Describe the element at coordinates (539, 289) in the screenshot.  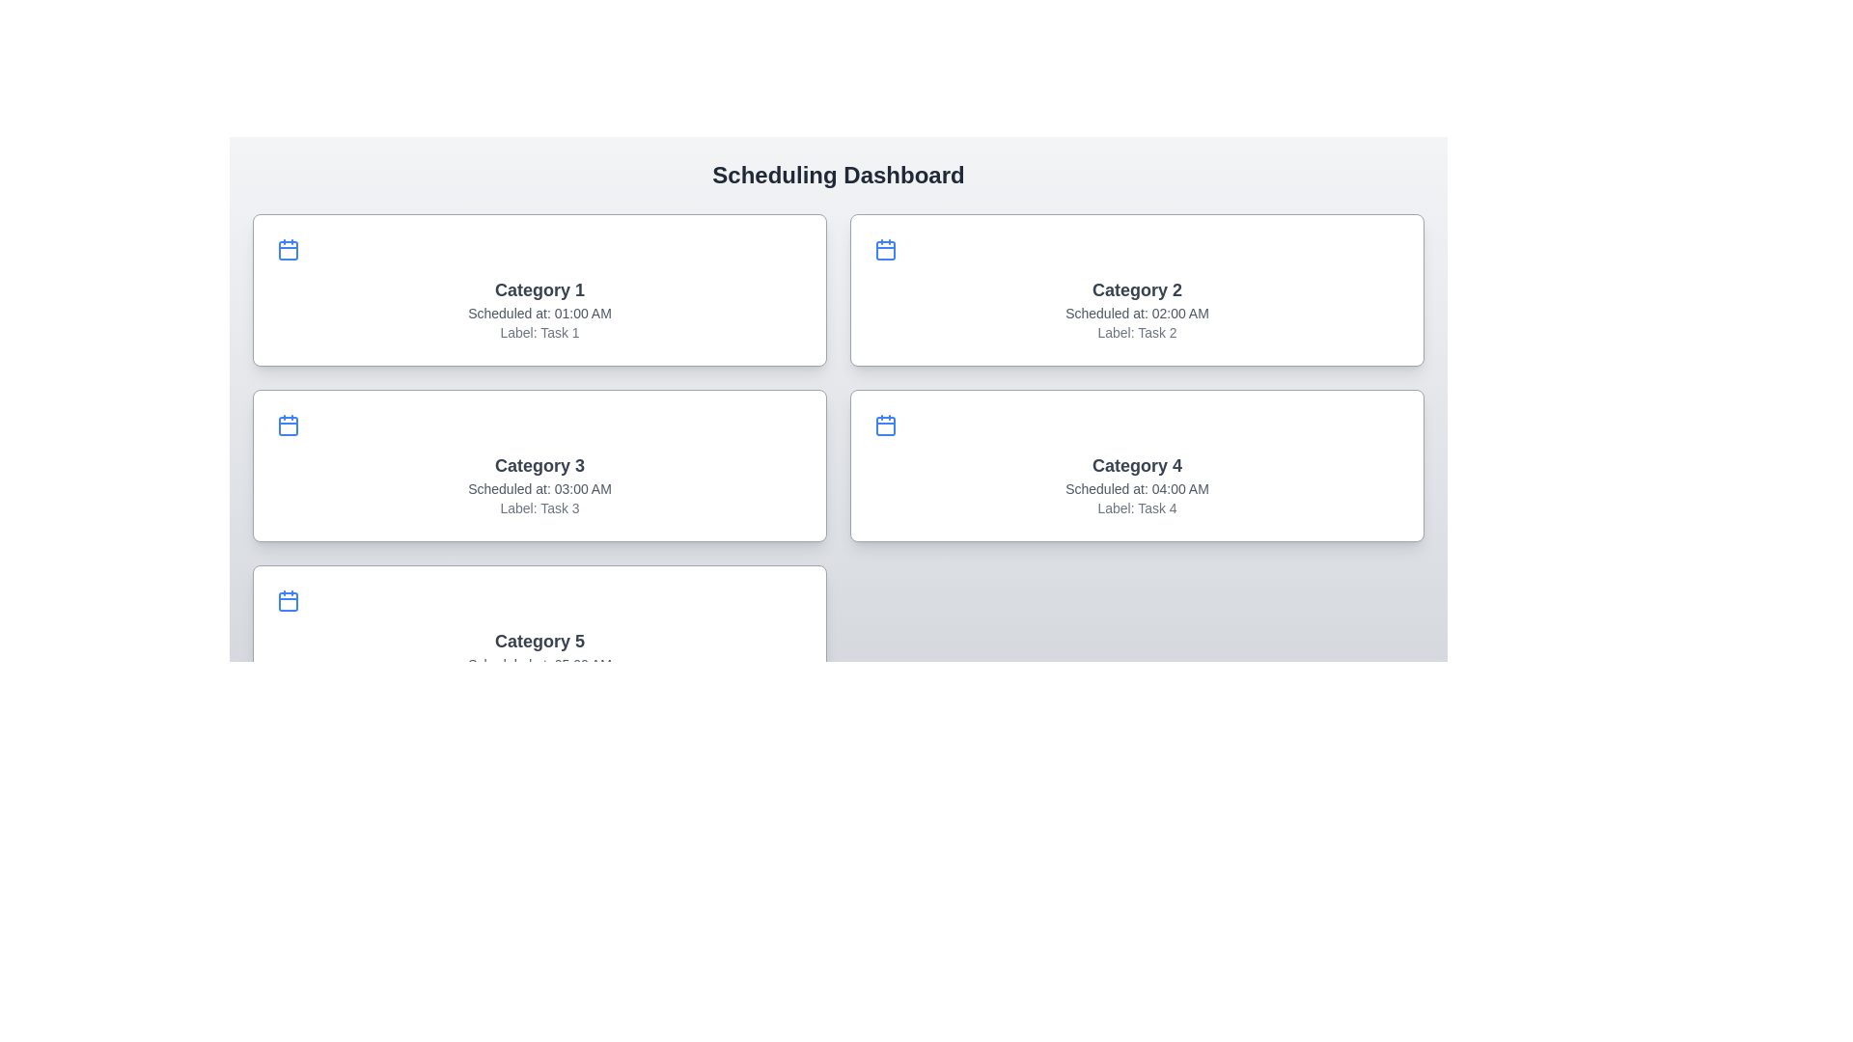
I see `the Text label located at the top-center of the first card in the left column of the grid layout` at that location.